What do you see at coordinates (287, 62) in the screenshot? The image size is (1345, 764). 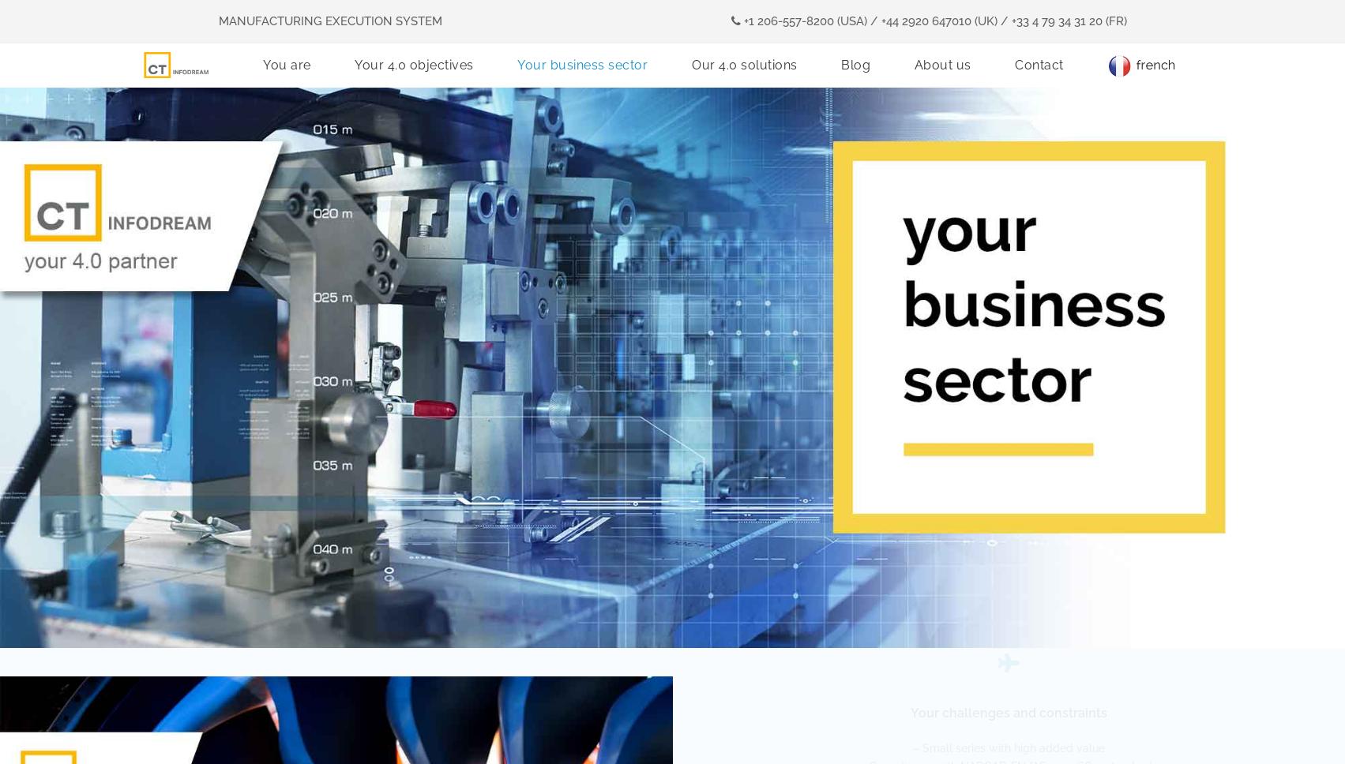 I see `'You are'` at bounding box center [287, 62].